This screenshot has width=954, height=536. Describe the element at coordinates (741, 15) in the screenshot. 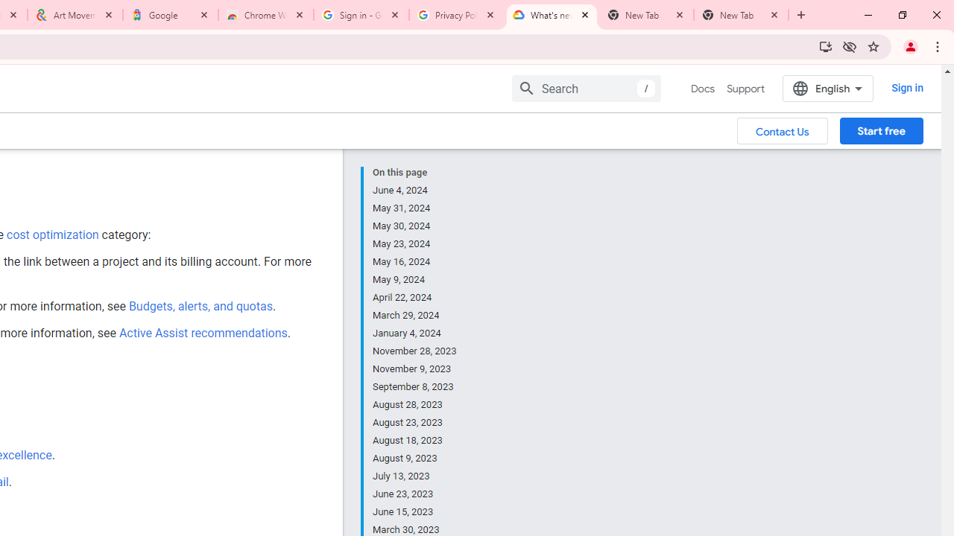

I see `'New Tab'` at that location.